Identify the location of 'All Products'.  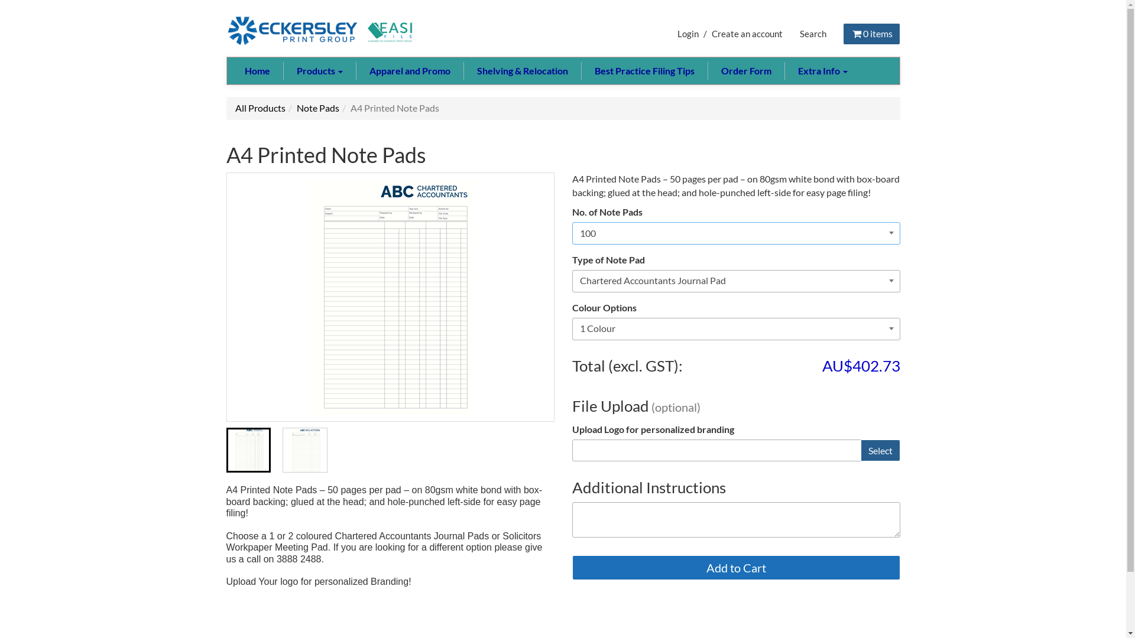
(260, 108).